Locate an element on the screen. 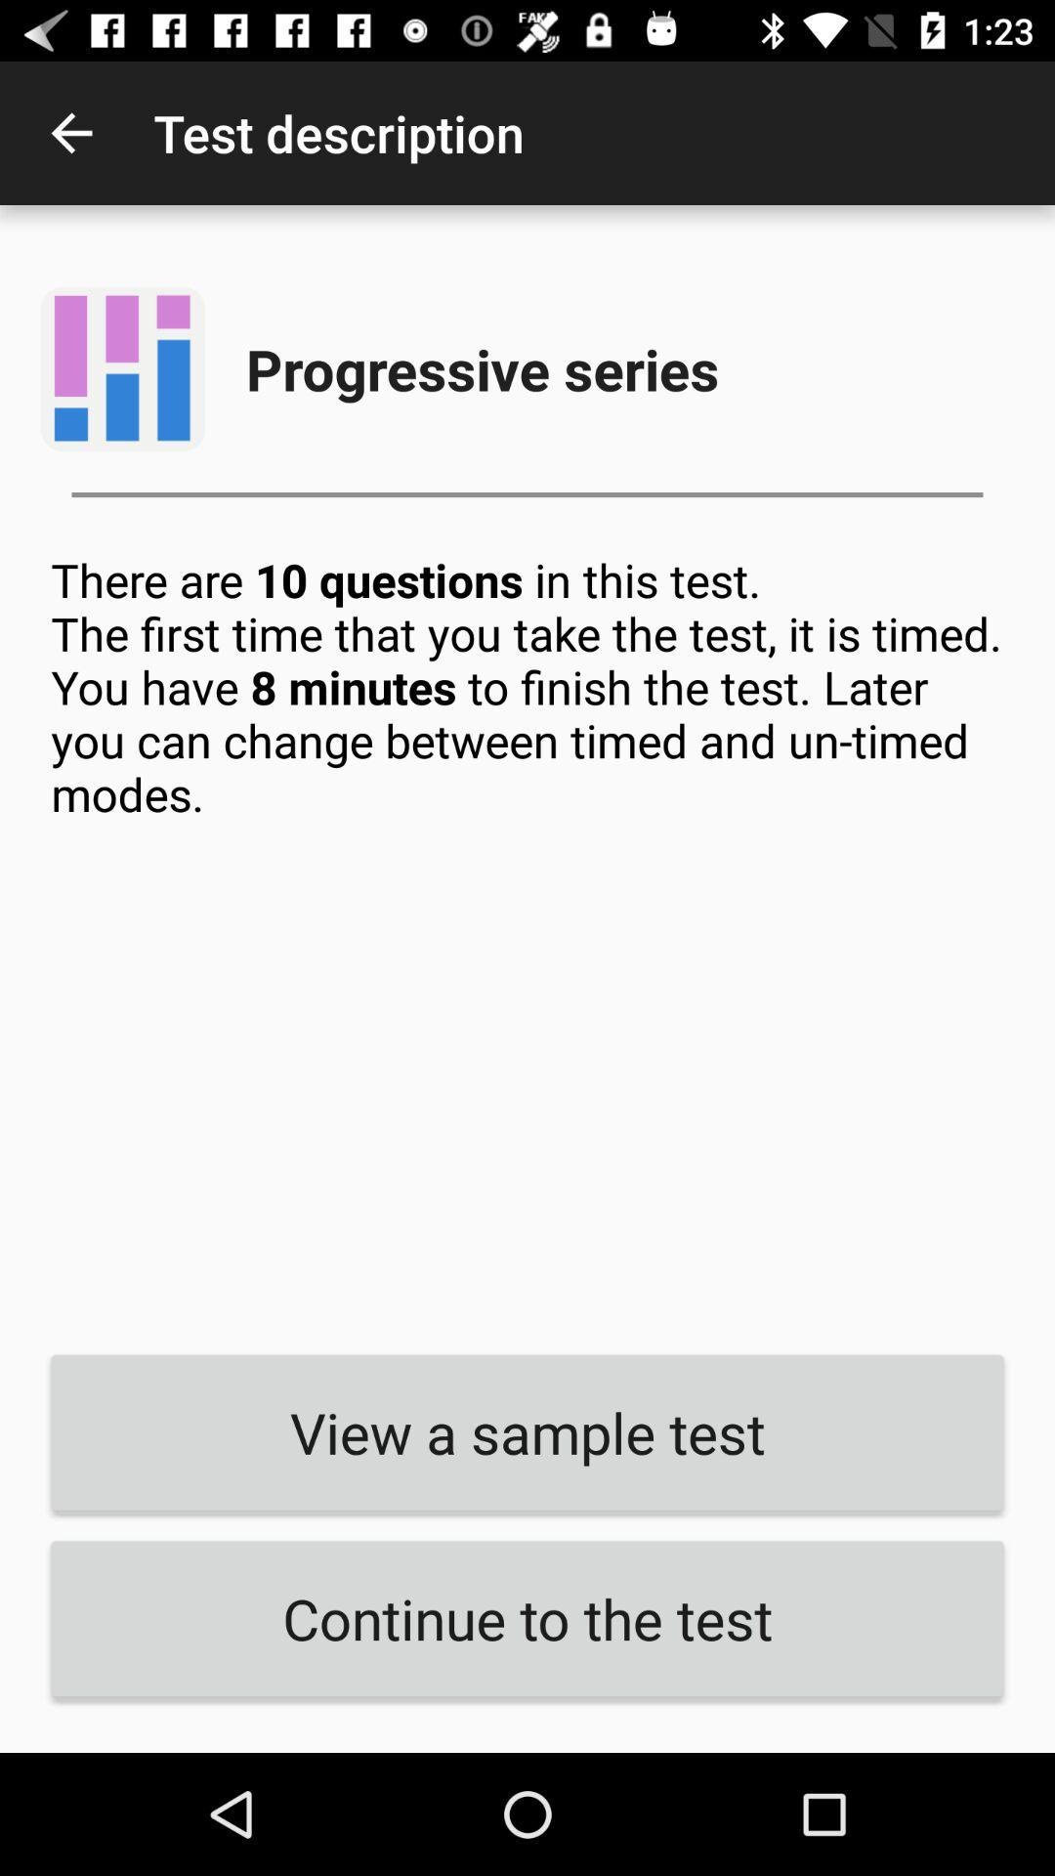  icon above the view a sample is located at coordinates (527, 939).